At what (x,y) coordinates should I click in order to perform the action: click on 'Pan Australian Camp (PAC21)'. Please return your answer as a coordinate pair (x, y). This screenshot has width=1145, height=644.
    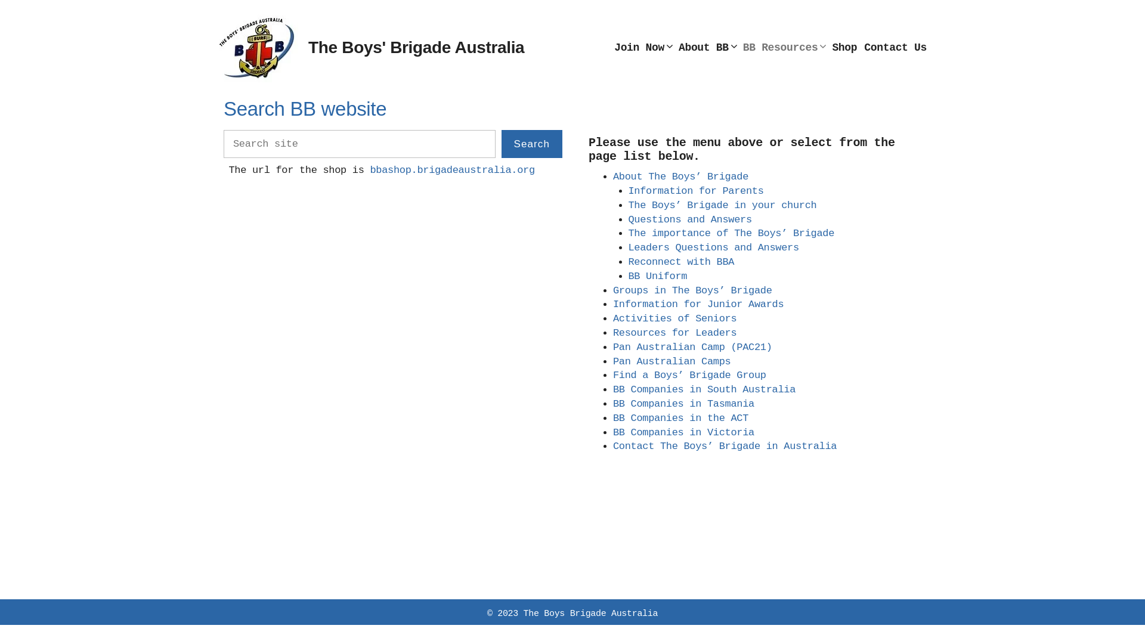
    Looking at the image, I should click on (692, 347).